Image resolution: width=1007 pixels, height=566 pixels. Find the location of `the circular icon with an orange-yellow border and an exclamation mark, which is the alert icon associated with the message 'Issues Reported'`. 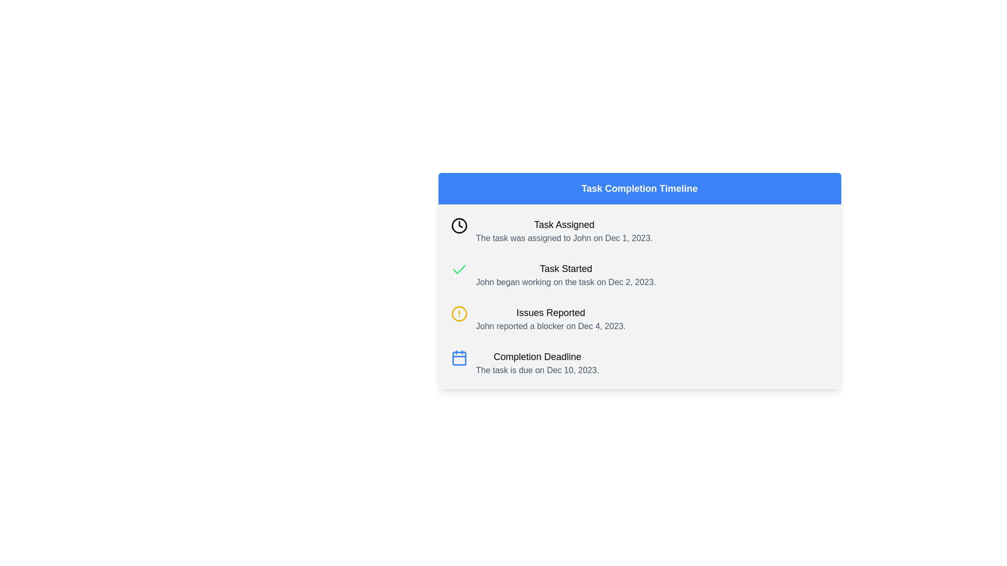

the circular icon with an orange-yellow border and an exclamation mark, which is the alert icon associated with the message 'Issues Reported' is located at coordinates (459, 313).